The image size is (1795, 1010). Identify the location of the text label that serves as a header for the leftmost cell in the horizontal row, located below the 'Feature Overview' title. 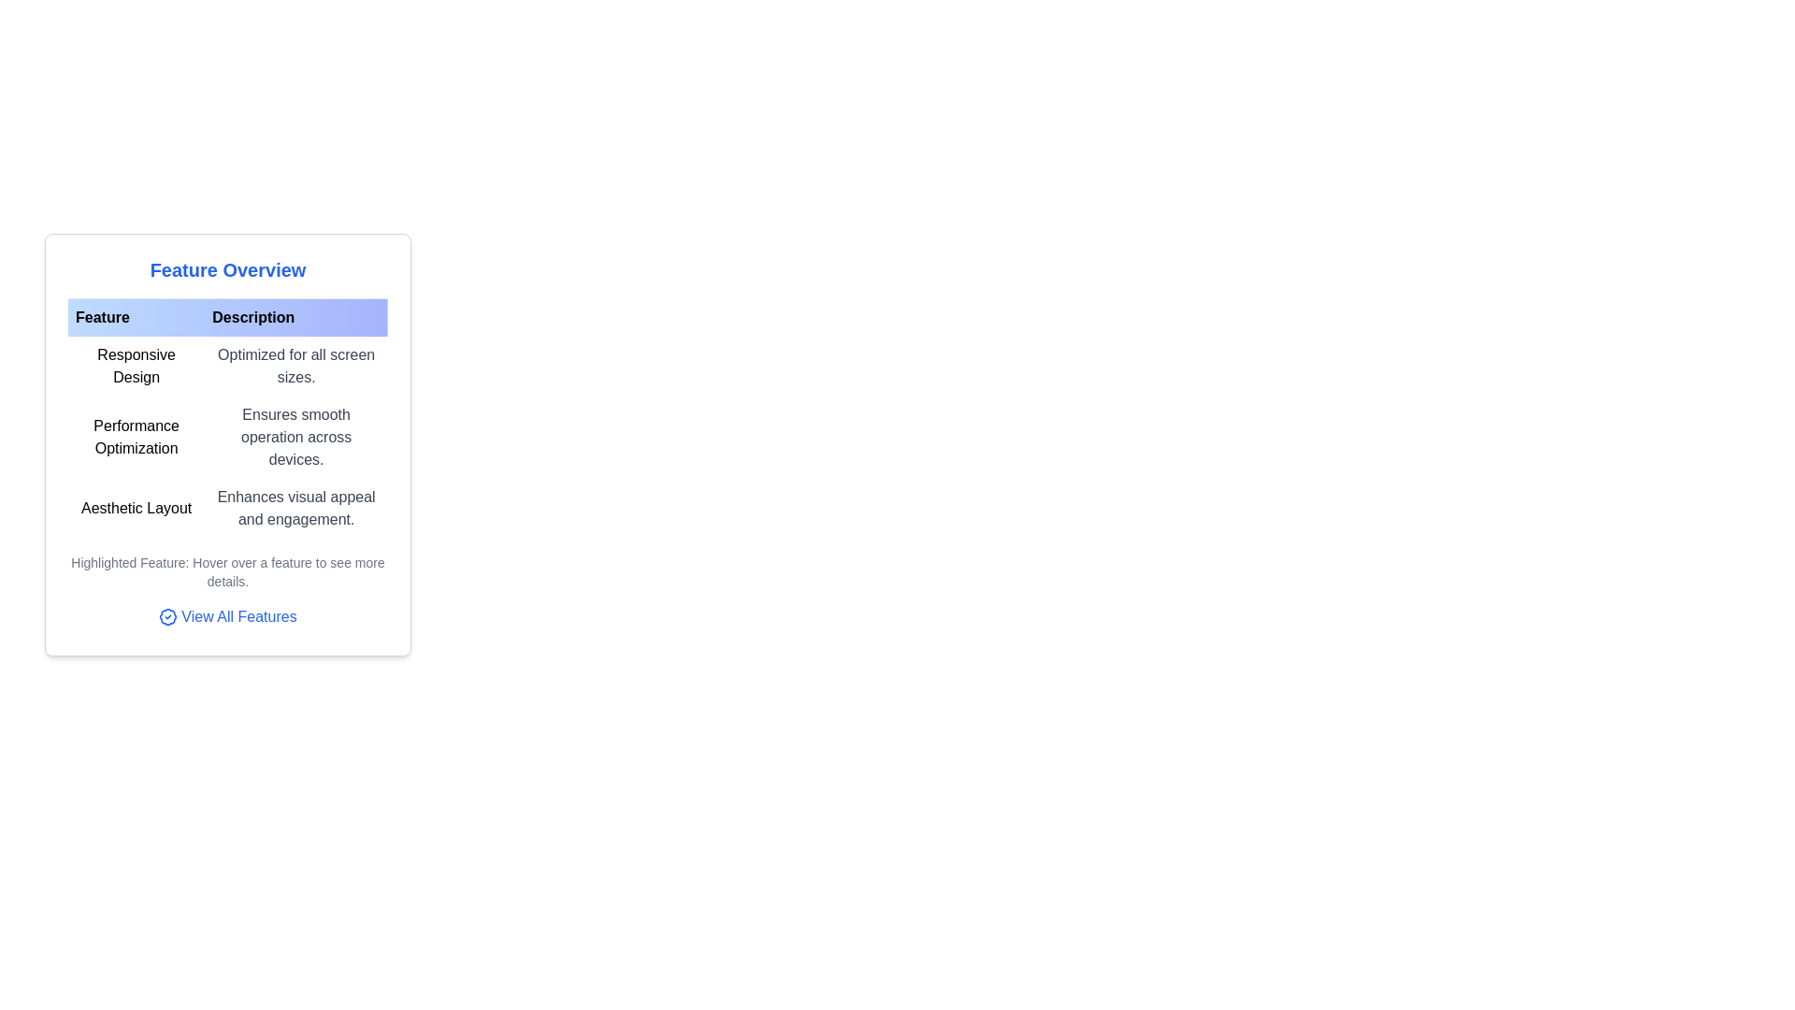
(136, 316).